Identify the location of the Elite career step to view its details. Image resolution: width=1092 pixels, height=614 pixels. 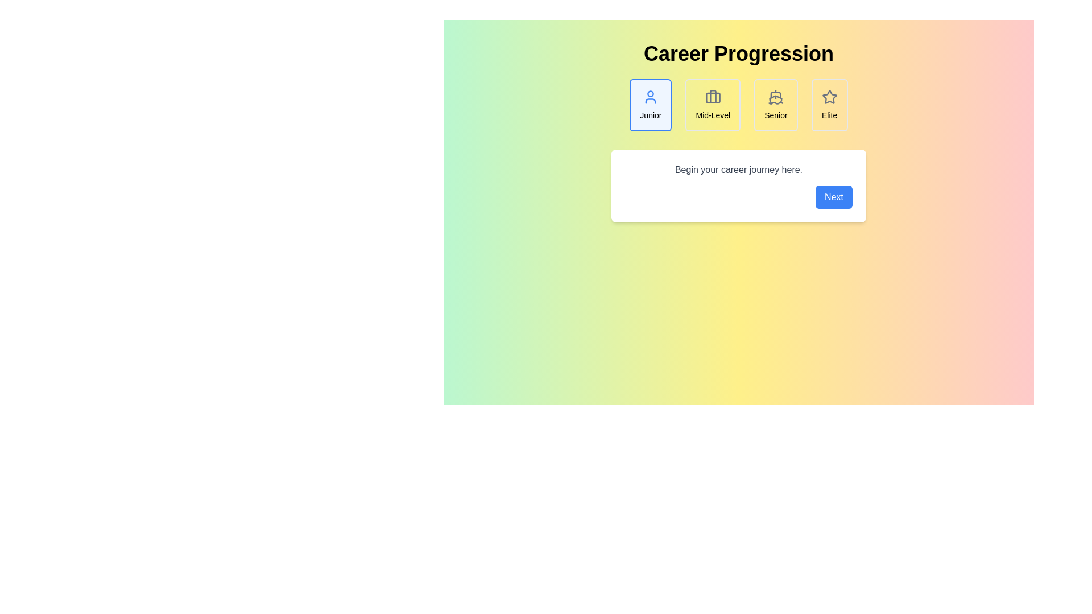
(829, 105).